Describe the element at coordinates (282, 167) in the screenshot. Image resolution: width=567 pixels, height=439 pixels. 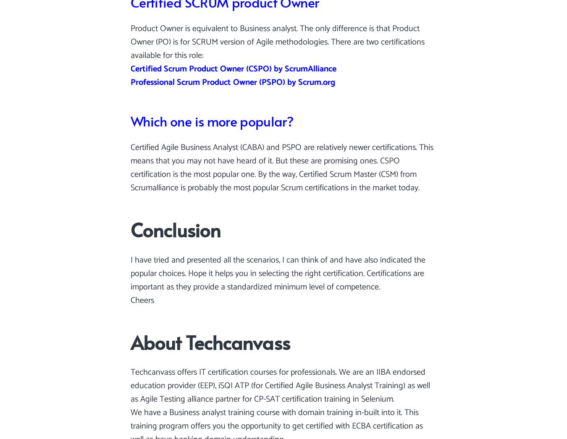
I see `'Certified Agile Business Analyst (CABA) and PSPO are relatively newer certifications. This means that you may not have heard of it. But these are promising ones. CSPO certification is the most popular one. By the way, Certified Scrum Master (CSM) from Scrumalliance is probably the most popular Scrum certifications in the market today.'` at that location.